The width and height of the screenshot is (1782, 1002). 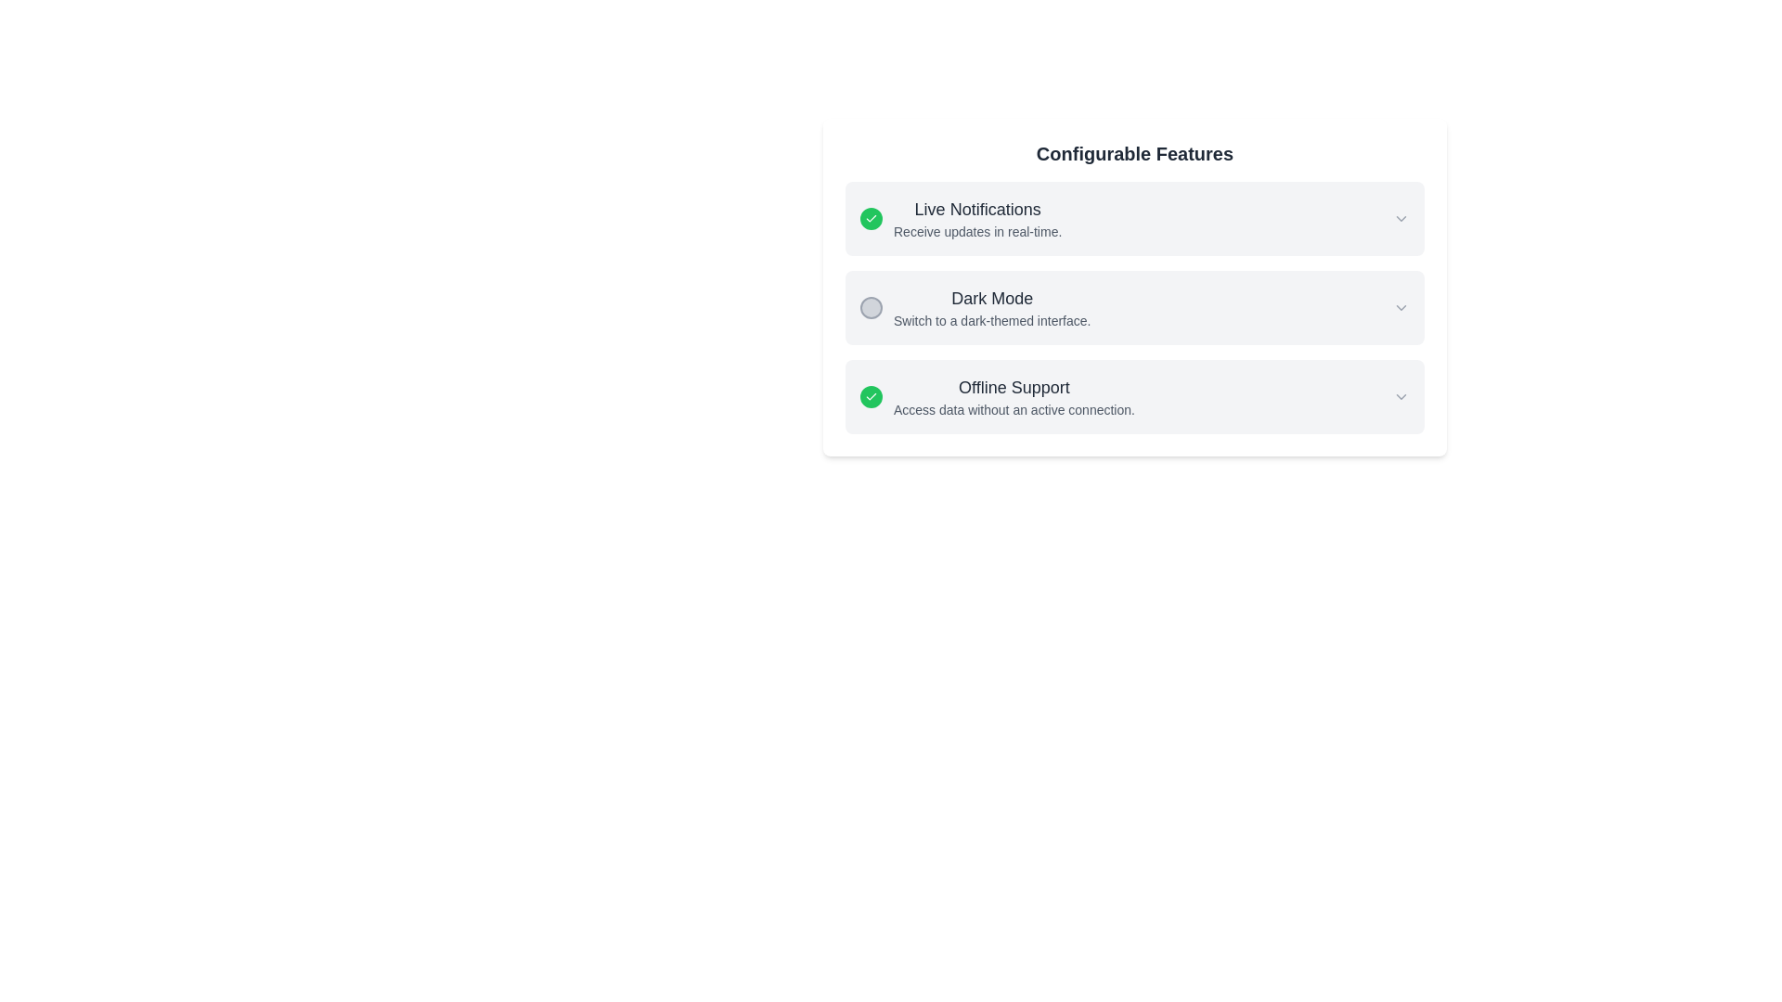 What do you see at coordinates (871, 217) in the screenshot?
I see `the circular toggle button located at the leftmost portion of the 'Live Notifications' row in the 'Configurable Features' section` at bounding box center [871, 217].